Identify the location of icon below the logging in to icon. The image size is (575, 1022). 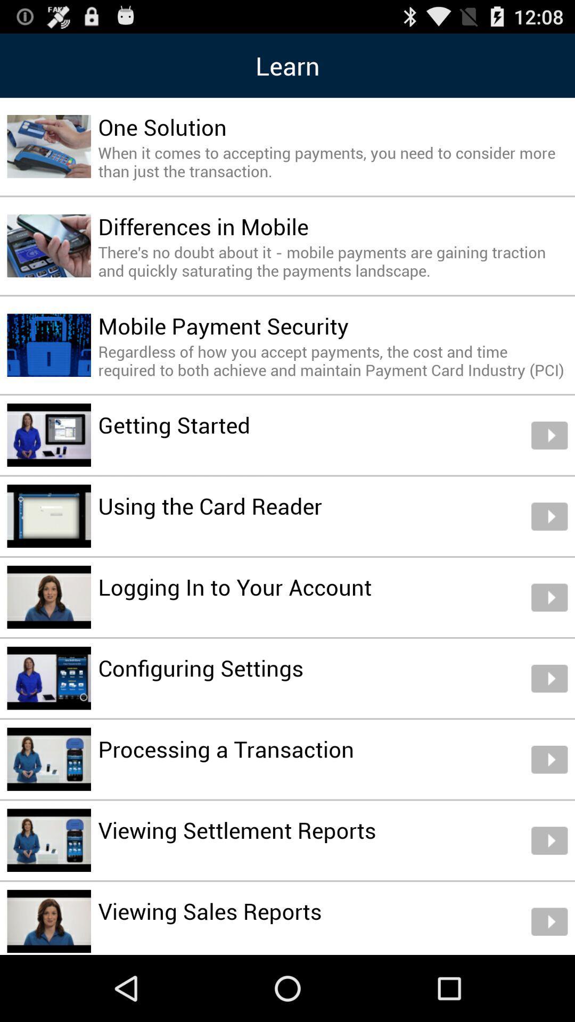
(201, 667).